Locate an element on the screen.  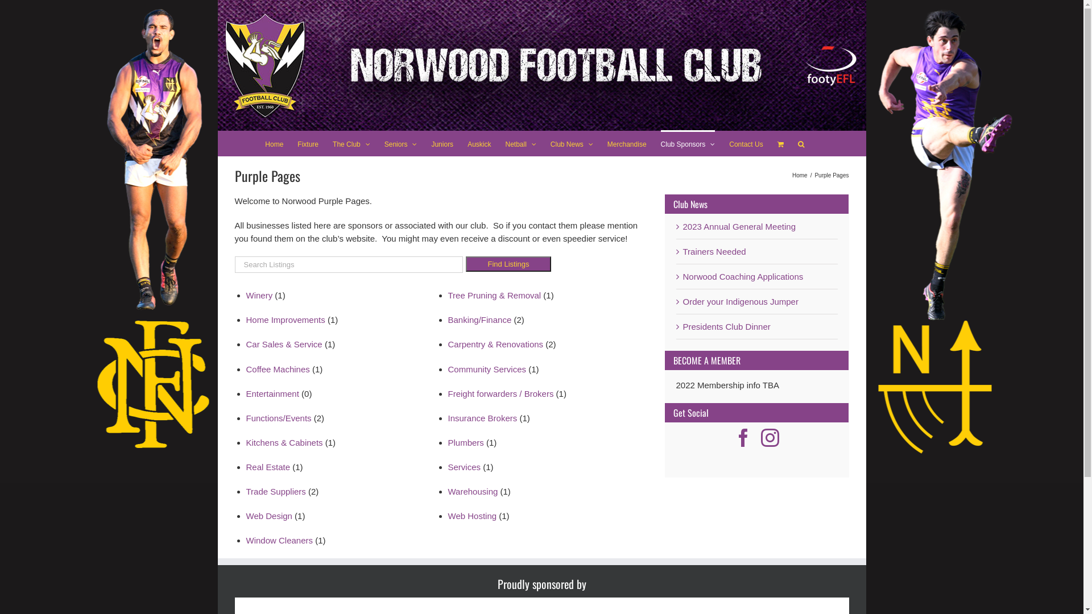
'Winery' is located at coordinates (258, 294).